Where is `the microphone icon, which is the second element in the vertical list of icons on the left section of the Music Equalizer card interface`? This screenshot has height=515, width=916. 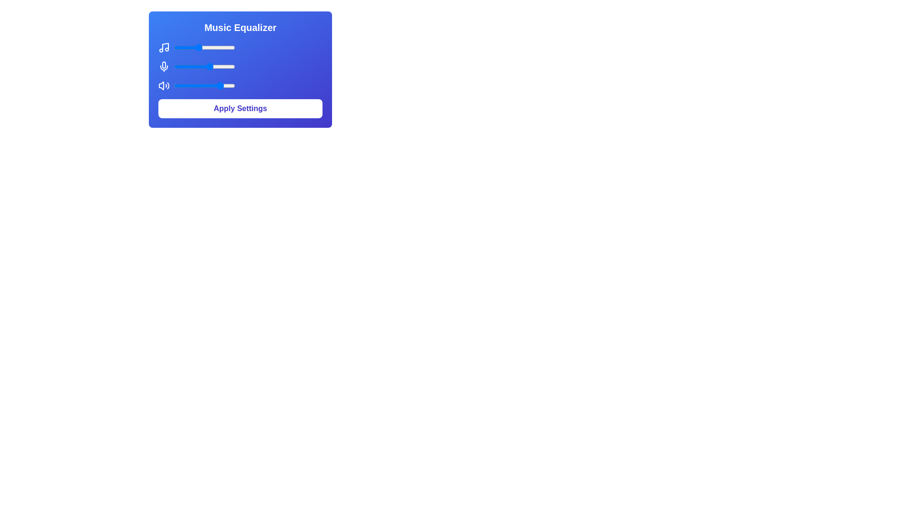 the microphone icon, which is the second element in the vertical list of icons on the left section of the Music Equalizer card interface is located at coordinates (164, 66).